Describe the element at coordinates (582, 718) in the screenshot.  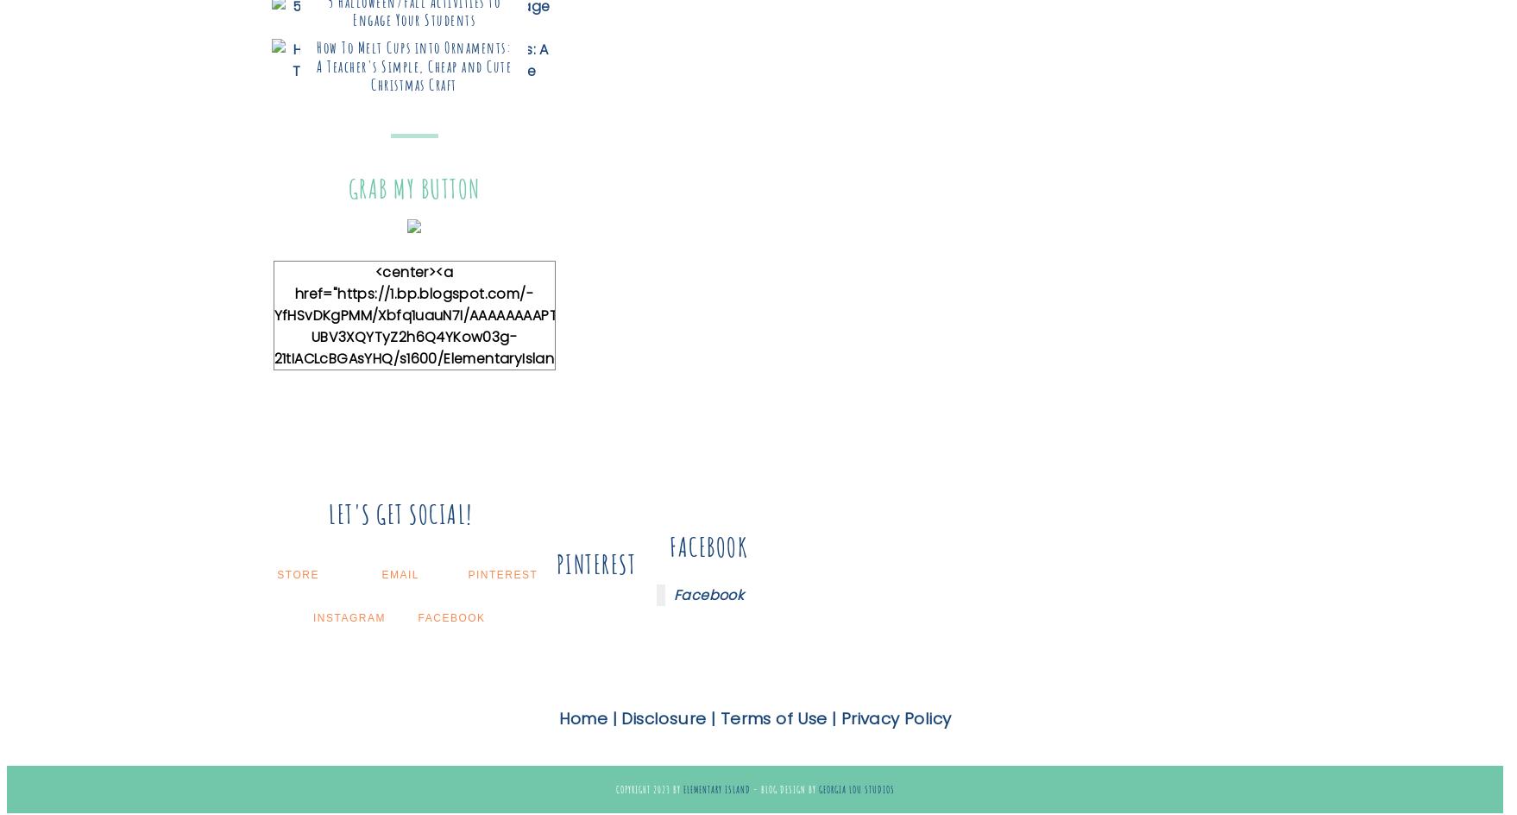
I see `'Home'` at that location.